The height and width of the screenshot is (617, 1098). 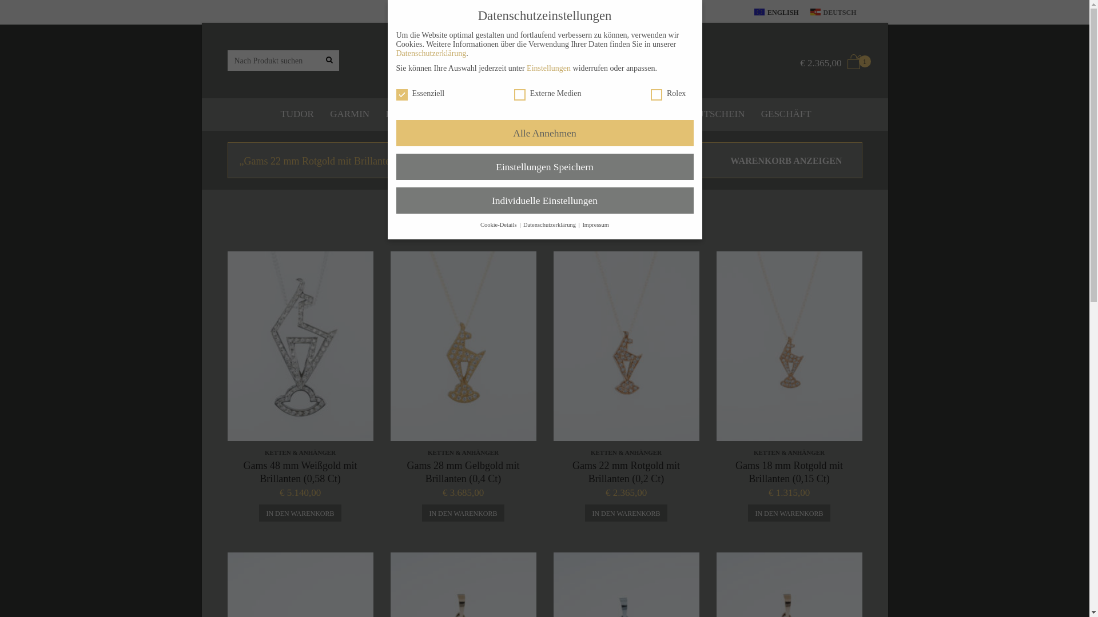 I want to click on 'IN DEN WARENKORB', so click(x=584, y=512).